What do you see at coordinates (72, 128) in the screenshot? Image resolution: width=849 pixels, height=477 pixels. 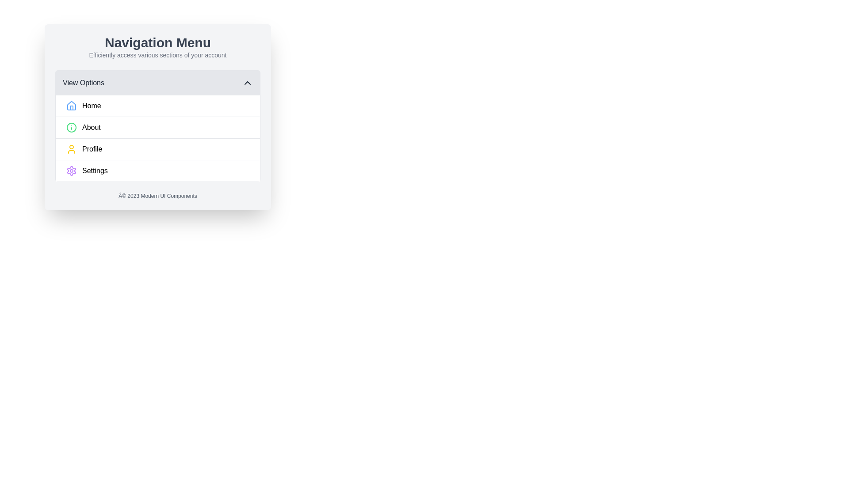 I see `the informational icon located to the left of the 'About' menu item in the second row of the navigation menu` at bounding box center [72, 128].